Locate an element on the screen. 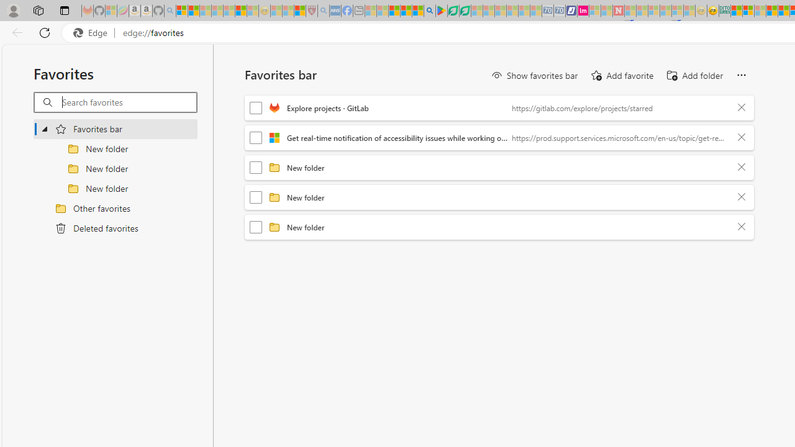  'The Weather Channel - MSN - Sleeping' is located at coordinates (206, 11).